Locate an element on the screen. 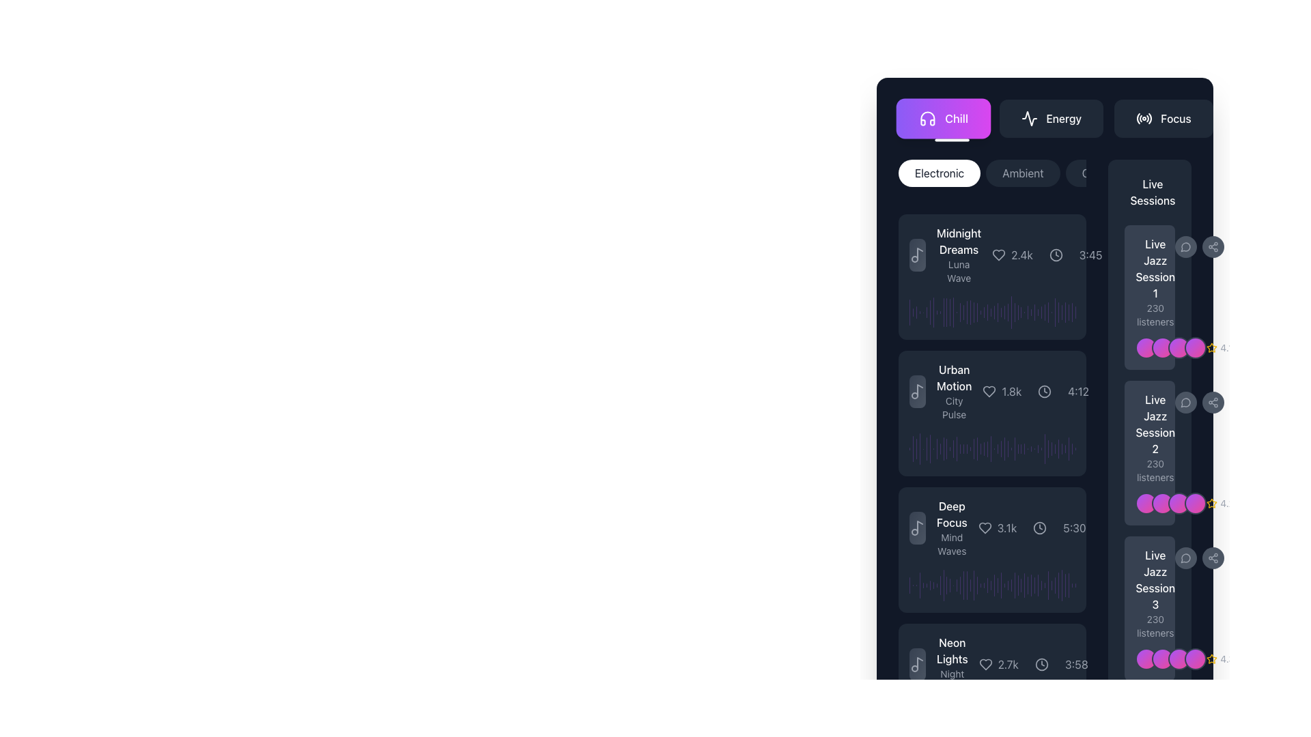 This screenshot has height=737, width=1311. the value of the Bar graph element located to the right of 'Live Jazz Session 3', which is the 43rd component in the vertical stack of similar elements is located at coordinates (1065, 721).